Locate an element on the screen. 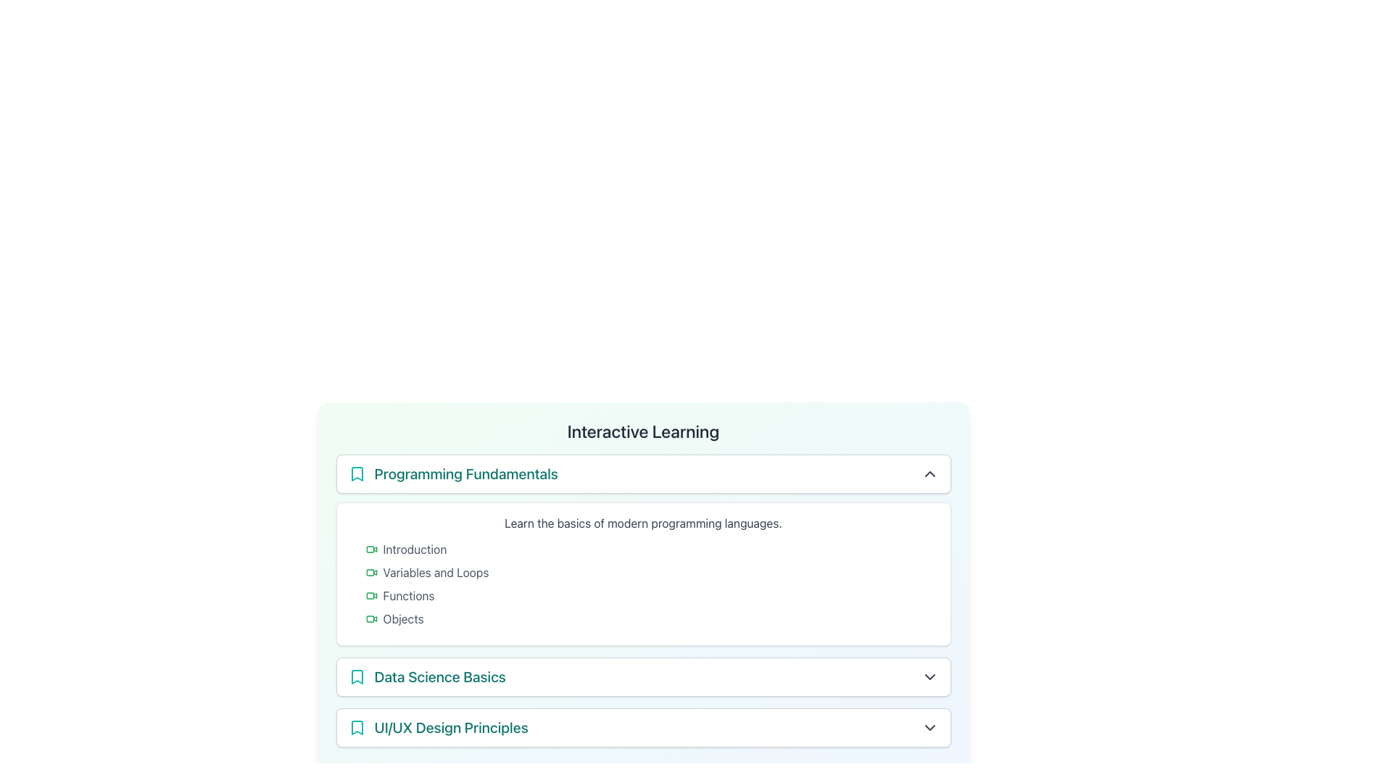 The width and height of the screenshot is (1392, 783). the text label displaying 'Objects' located next to the video camera icon in the 'Programming Fundamentals' section for tooltip or visual feedback is located at coordinates (403, 618).